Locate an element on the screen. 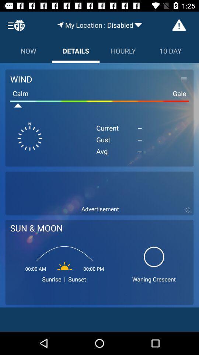 The image size is (199, 355). the icon on the top right corner of the web page is located at coordinates (179, 25).